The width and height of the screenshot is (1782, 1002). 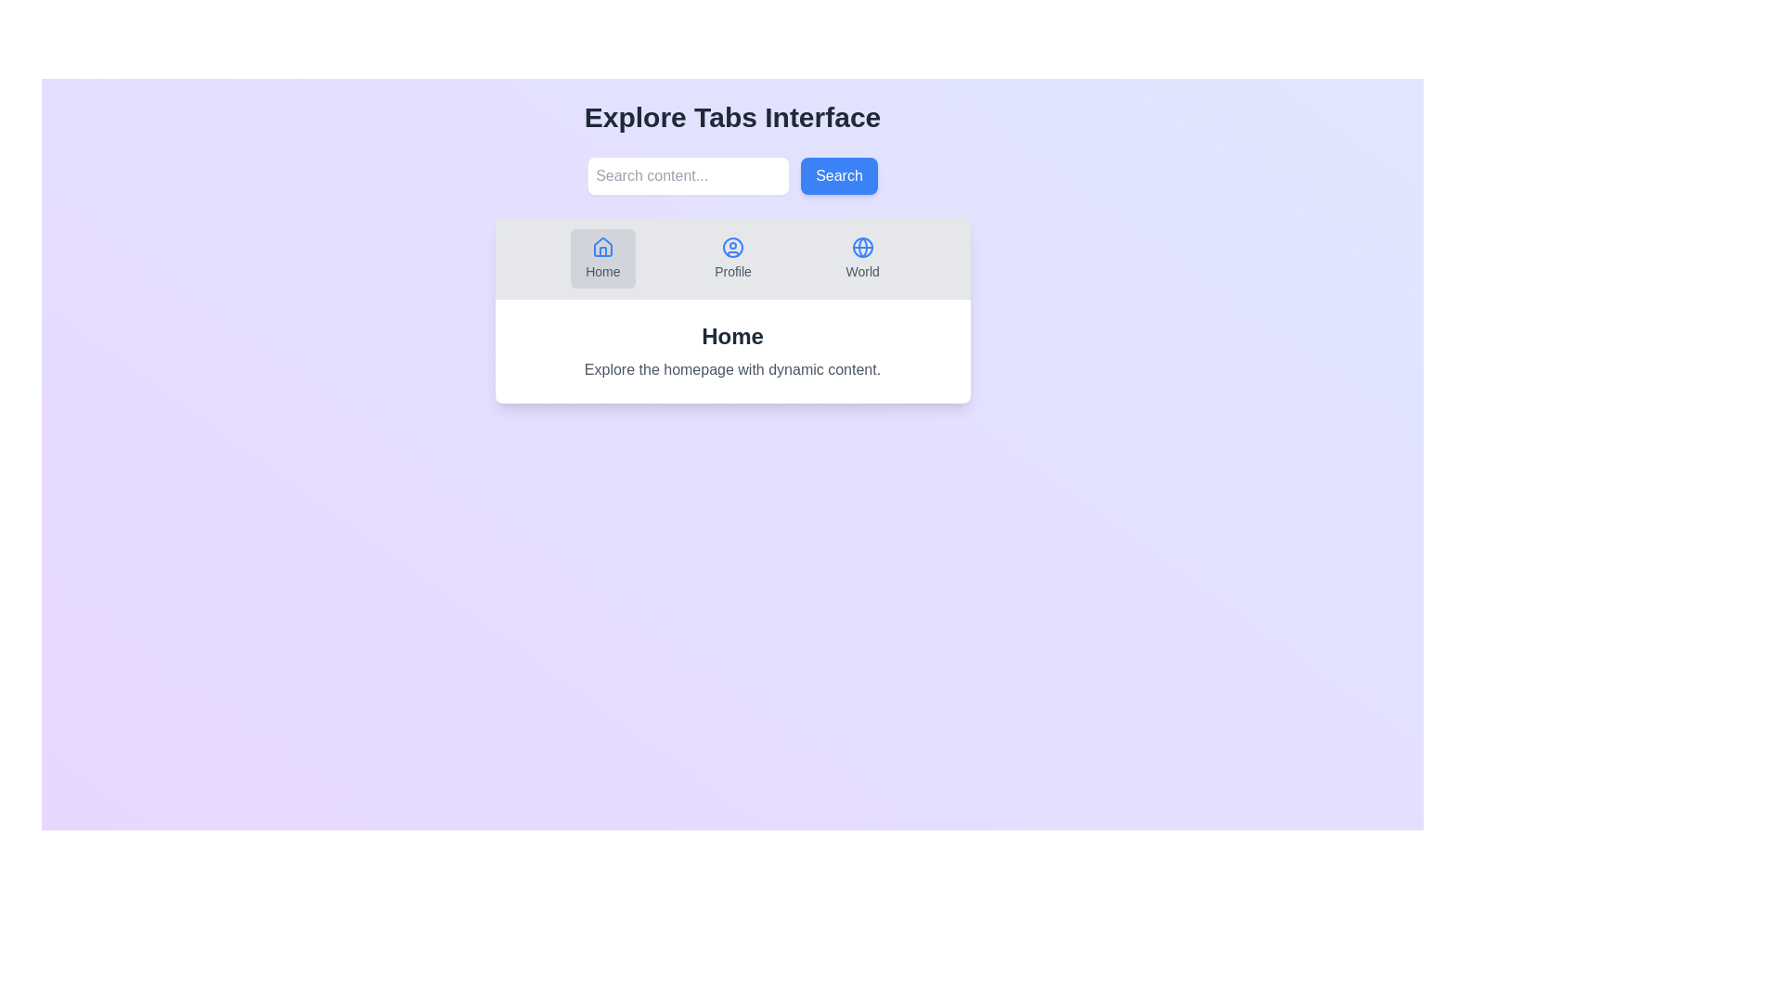 I want to click on the search button to execute the search action, so click(x=838, y=175).